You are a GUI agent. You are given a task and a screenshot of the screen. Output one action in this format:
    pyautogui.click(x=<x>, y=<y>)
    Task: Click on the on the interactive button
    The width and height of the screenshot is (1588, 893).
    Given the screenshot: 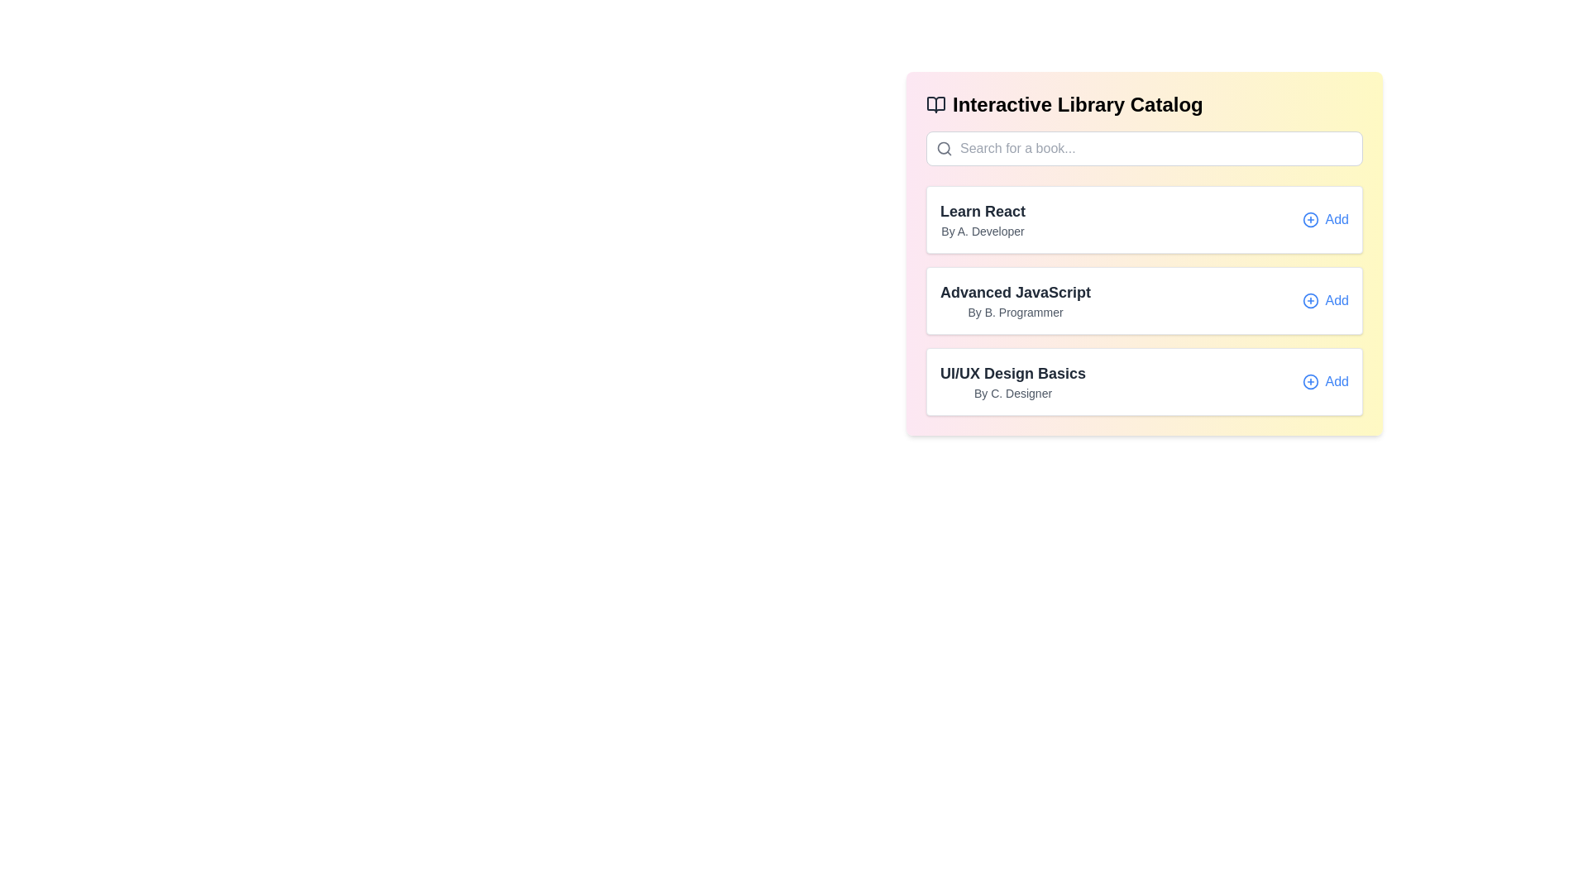 What is the action you would take?
    pyautogui.click(x=1325, y=219)
    